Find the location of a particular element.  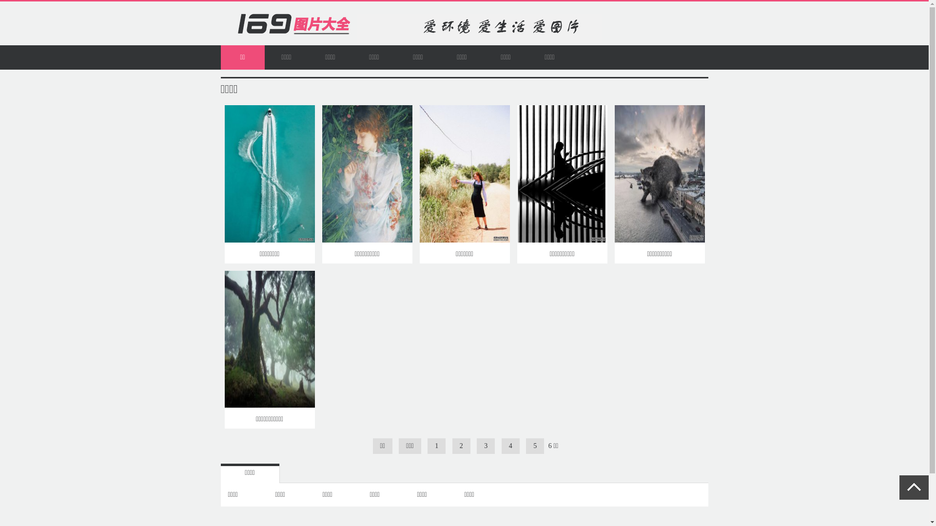

'3' is located at coordinates (486, 446).